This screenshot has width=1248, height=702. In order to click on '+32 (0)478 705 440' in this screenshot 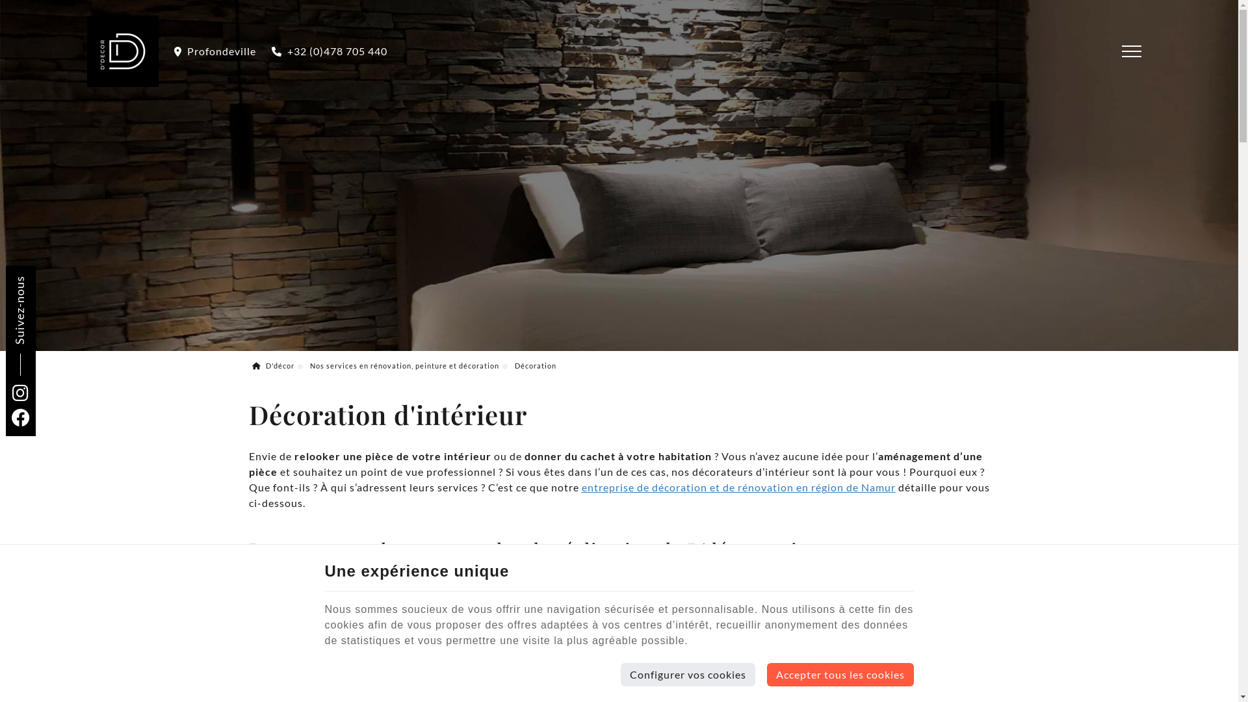, I will do `click(330, 50)`.